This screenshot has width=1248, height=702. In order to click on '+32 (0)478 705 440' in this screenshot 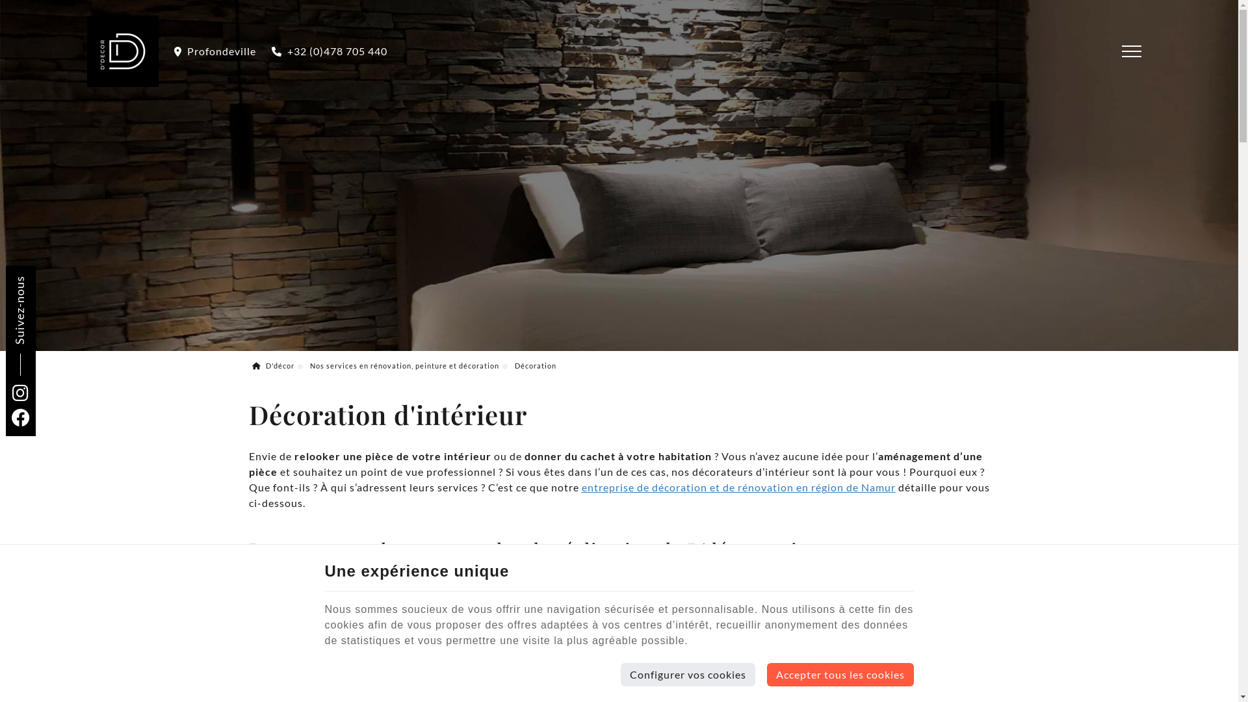, I will do `click(330, 50)`.